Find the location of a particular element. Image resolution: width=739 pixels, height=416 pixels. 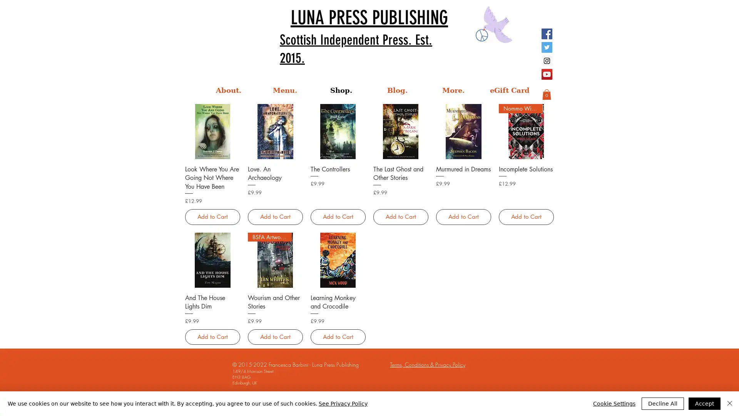

Add to Cart is located at coordinates (338, 336).